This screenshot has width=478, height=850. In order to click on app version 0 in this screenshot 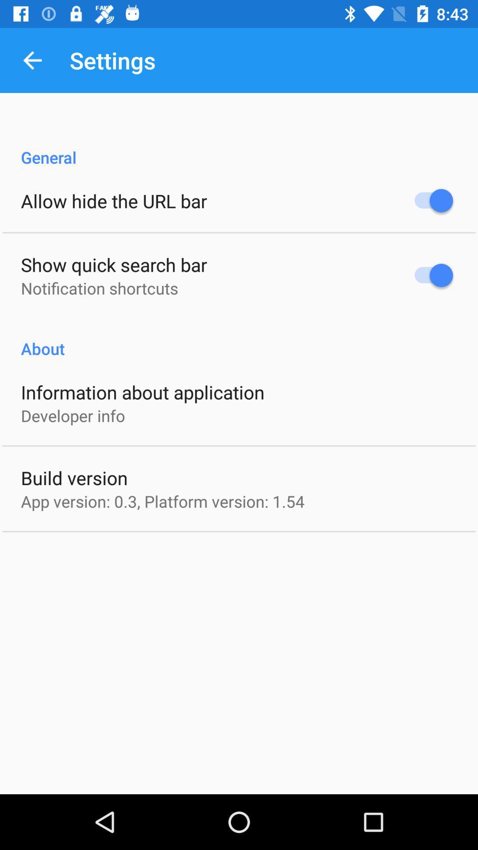, I will do `click(162, 501)`.